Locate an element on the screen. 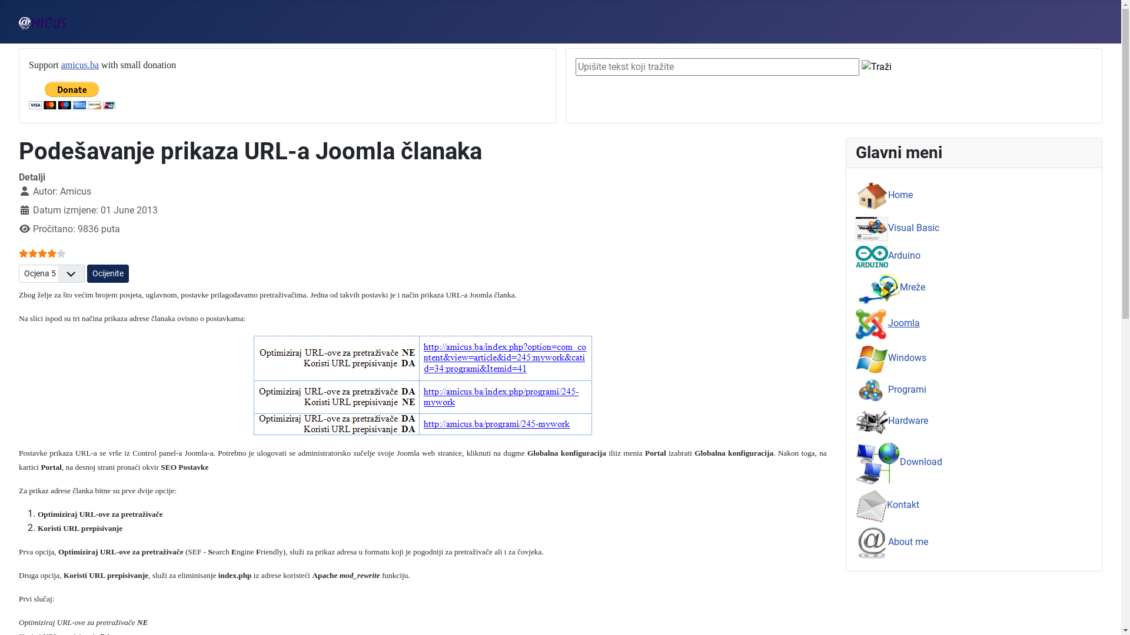  'Kontakt' is located at coordinates (887, 504).